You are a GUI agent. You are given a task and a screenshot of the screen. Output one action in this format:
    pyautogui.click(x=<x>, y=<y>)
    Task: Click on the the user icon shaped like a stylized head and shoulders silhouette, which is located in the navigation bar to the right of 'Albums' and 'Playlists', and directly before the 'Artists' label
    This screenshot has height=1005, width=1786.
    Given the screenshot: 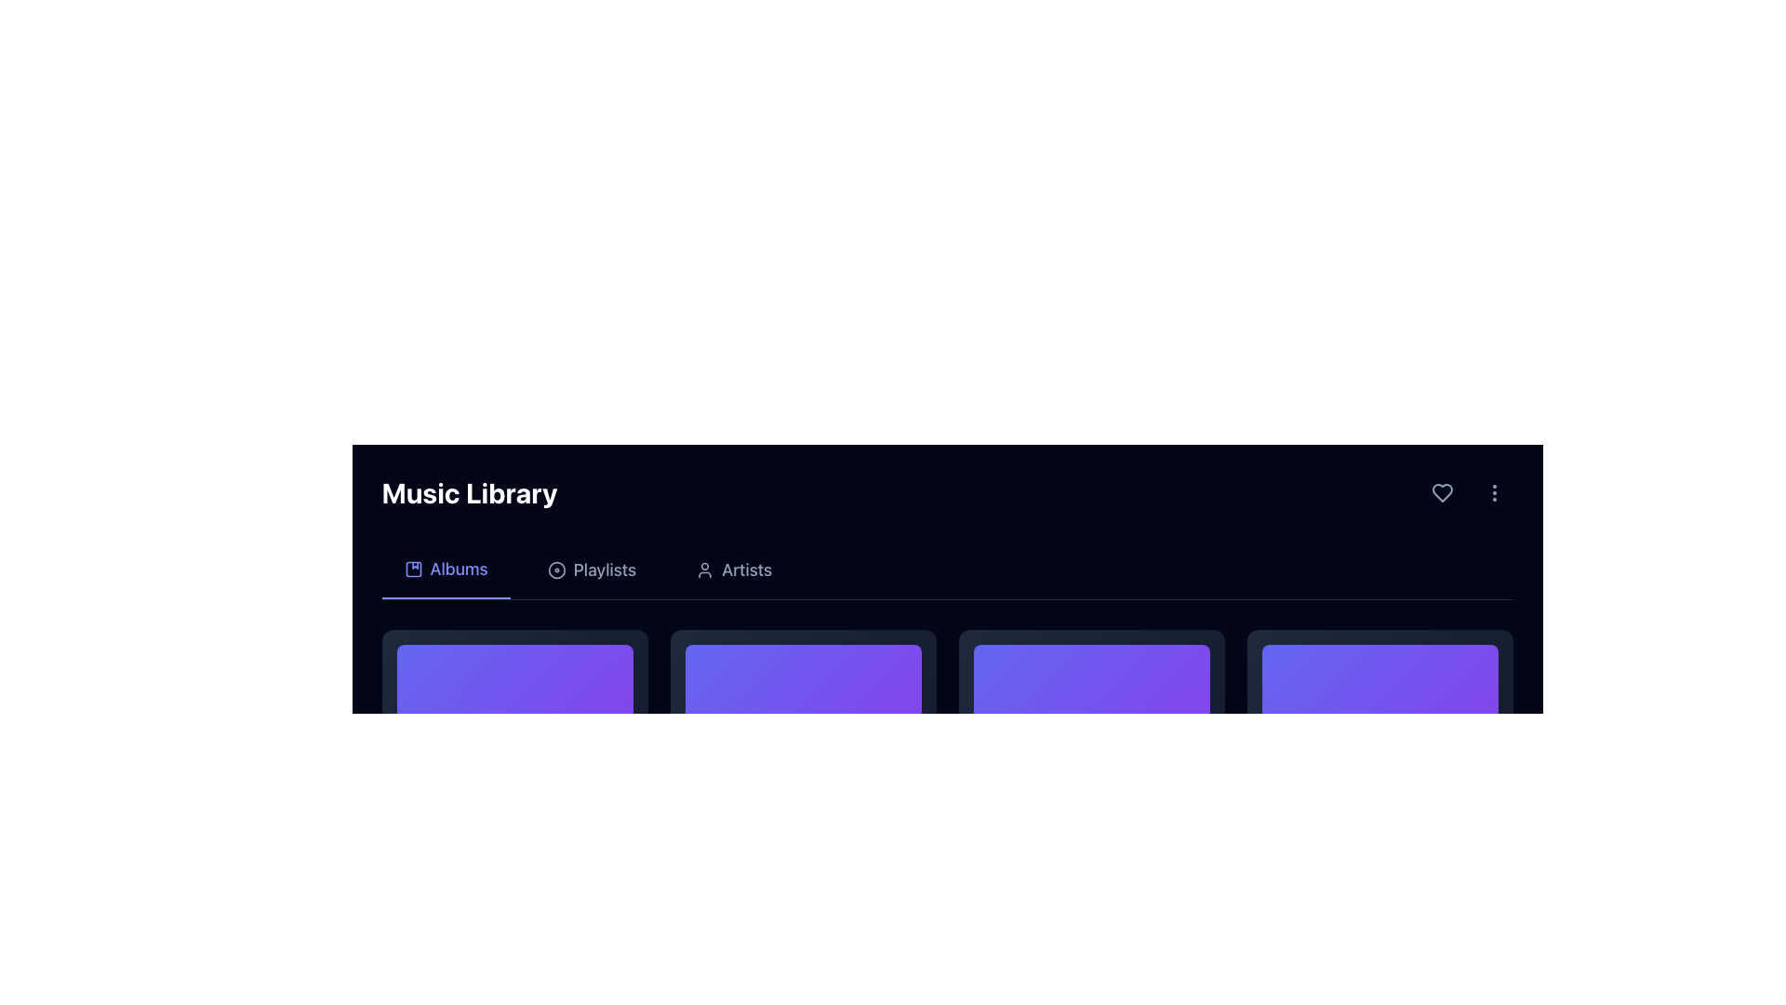 What is the action you would take?
    pyautogui.click(x=704, y=569)
    